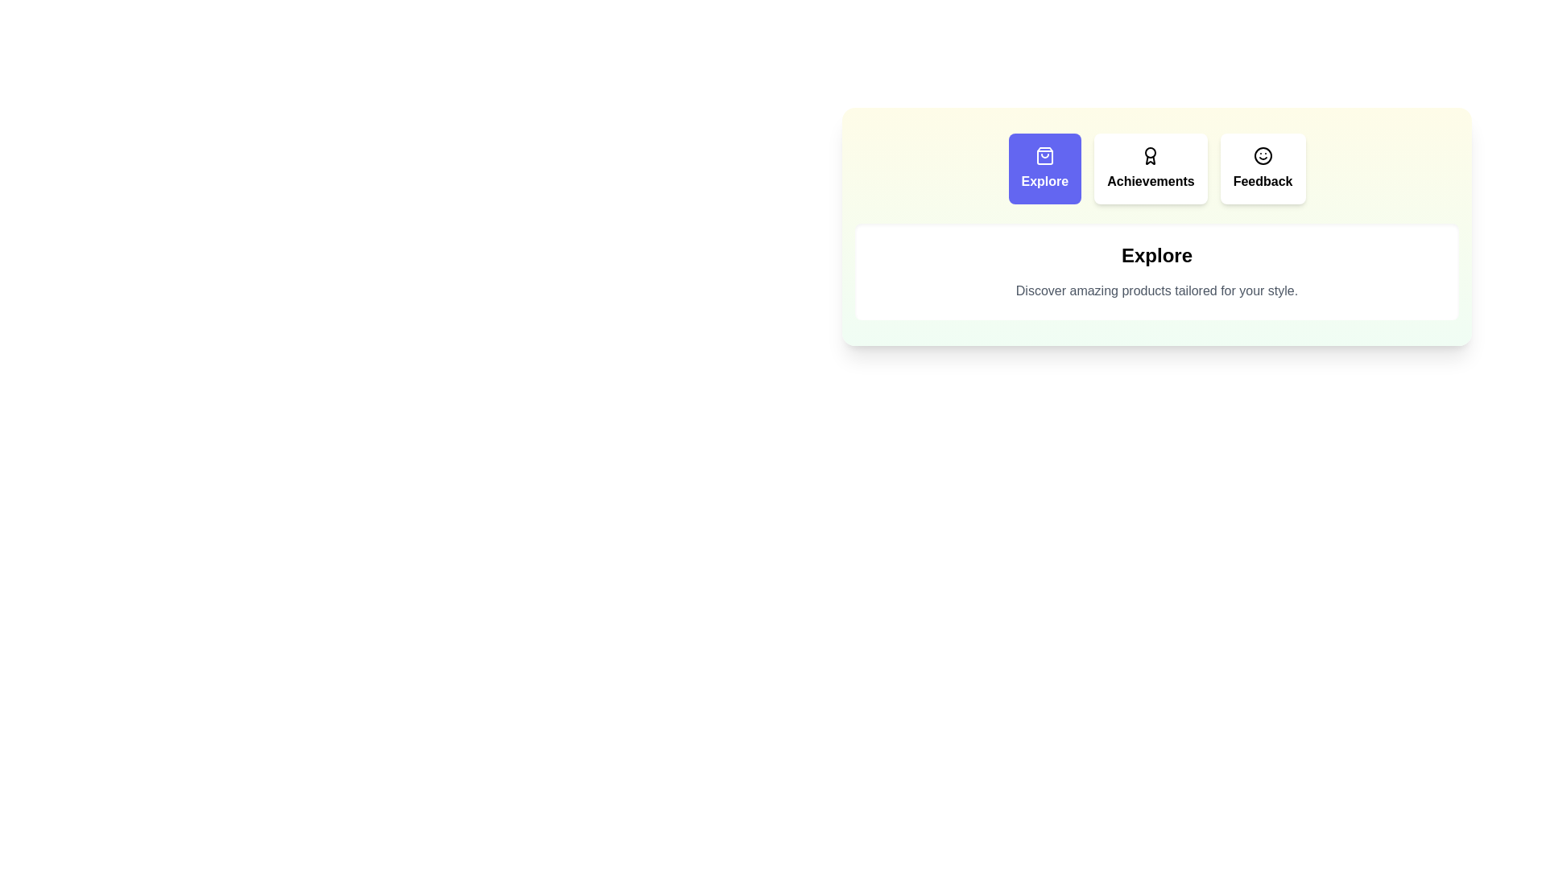 The width and height of the screenshot is (1546, 869). I want to click on the Feedback tab by clicking on its respective title or icon, so click(1262, 168).